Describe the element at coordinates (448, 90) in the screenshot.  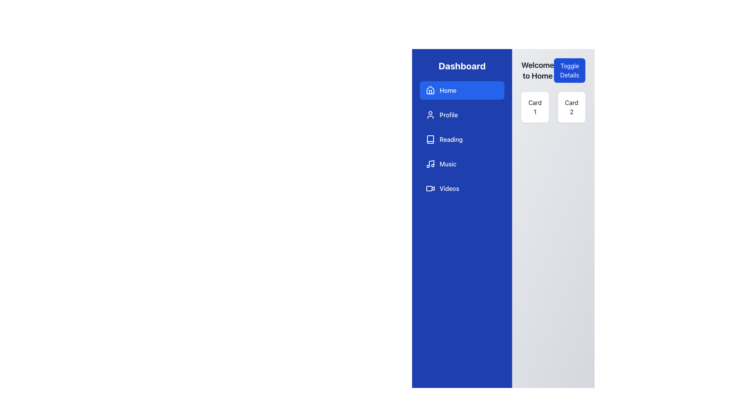
I see `the label for the 'Home' section` at that location.